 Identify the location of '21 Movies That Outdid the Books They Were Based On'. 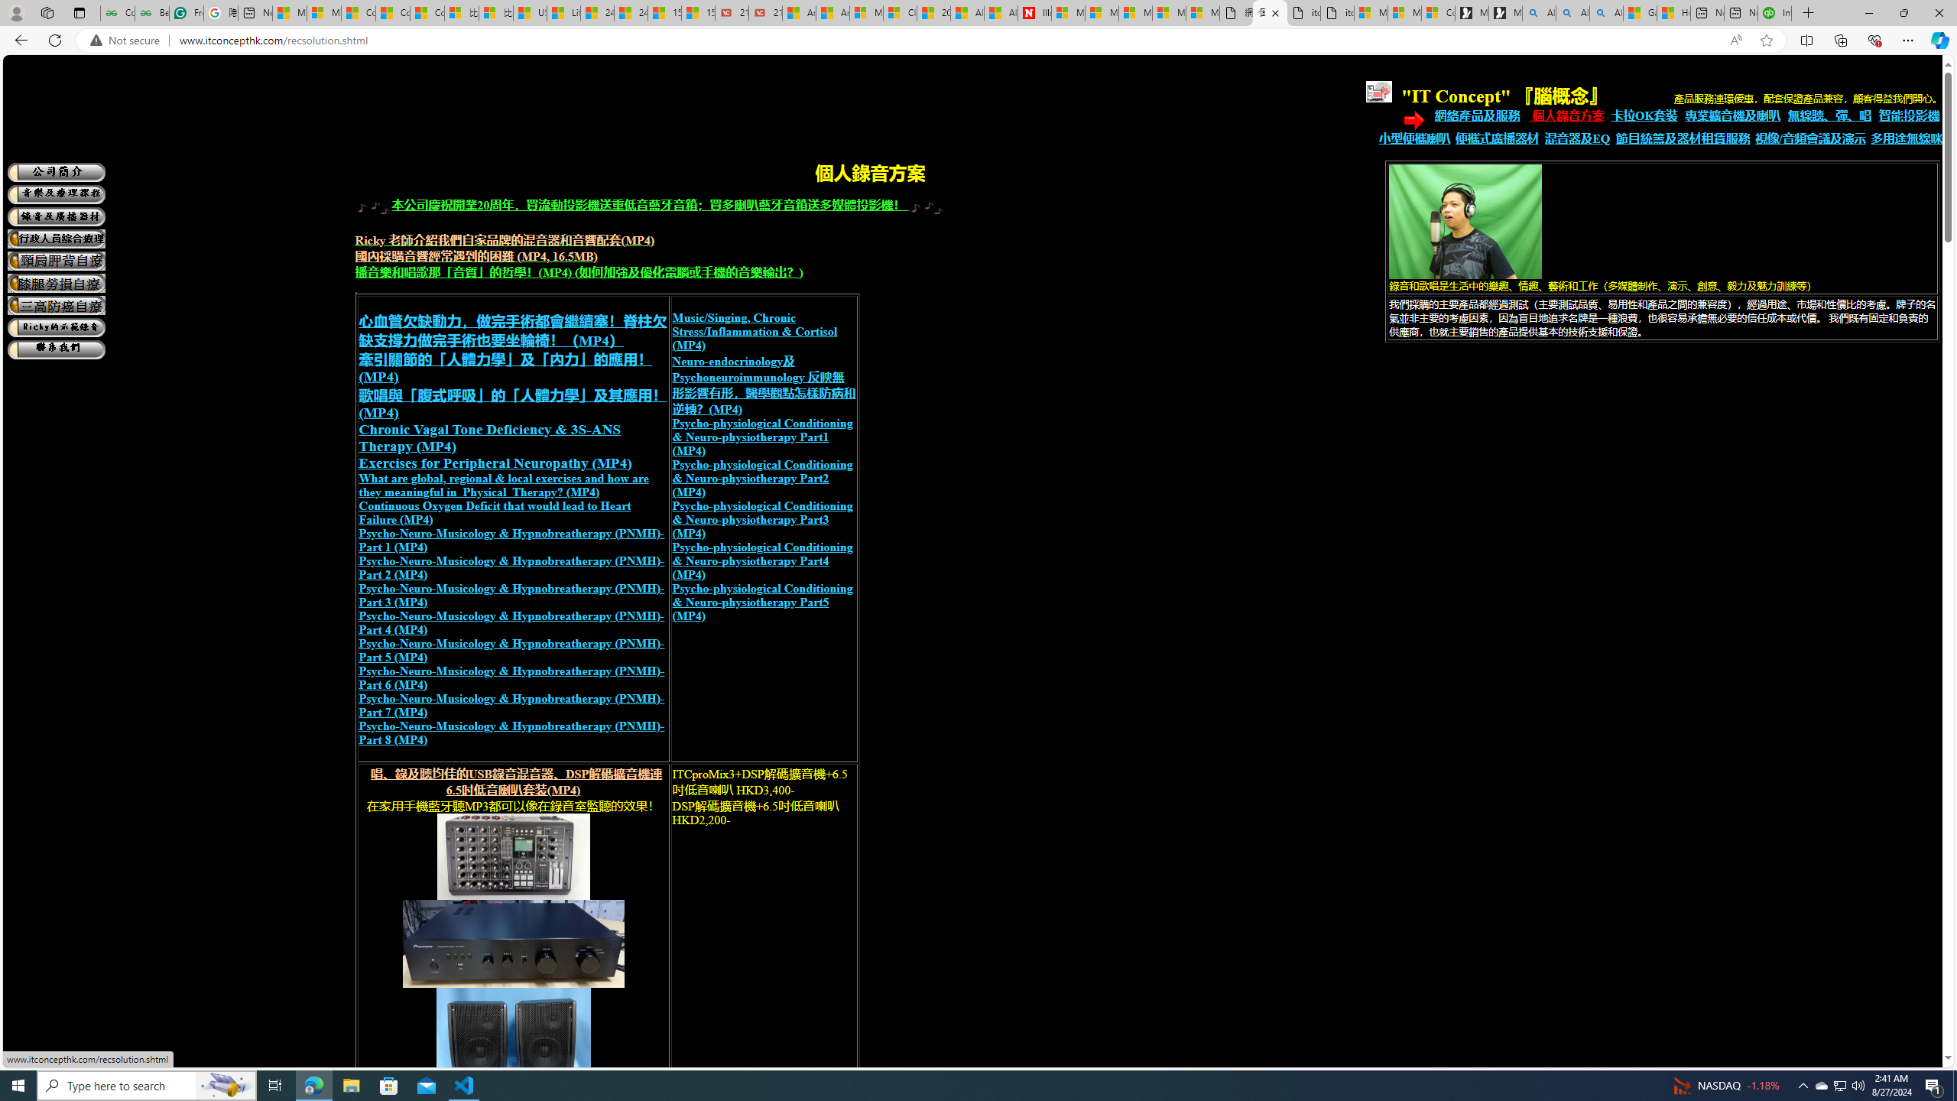
(764, 12).